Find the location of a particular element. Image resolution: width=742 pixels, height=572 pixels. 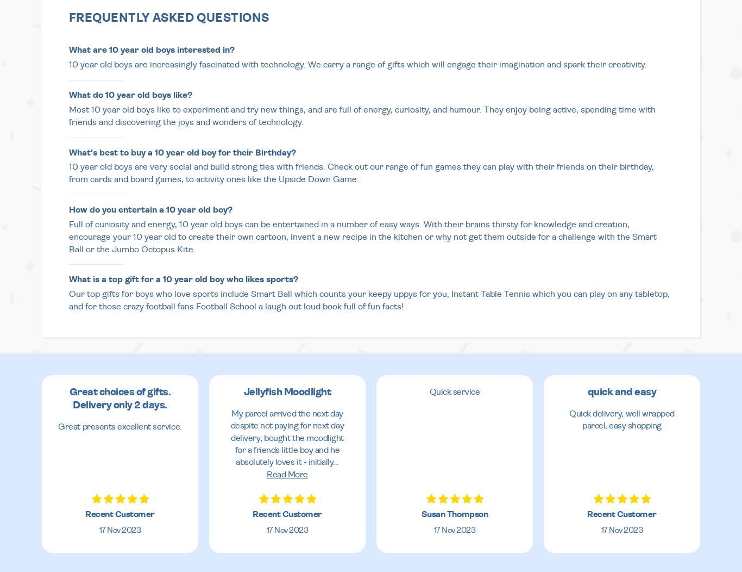

'What do 10 year old boys like?' is located at coordinates (130, 94).